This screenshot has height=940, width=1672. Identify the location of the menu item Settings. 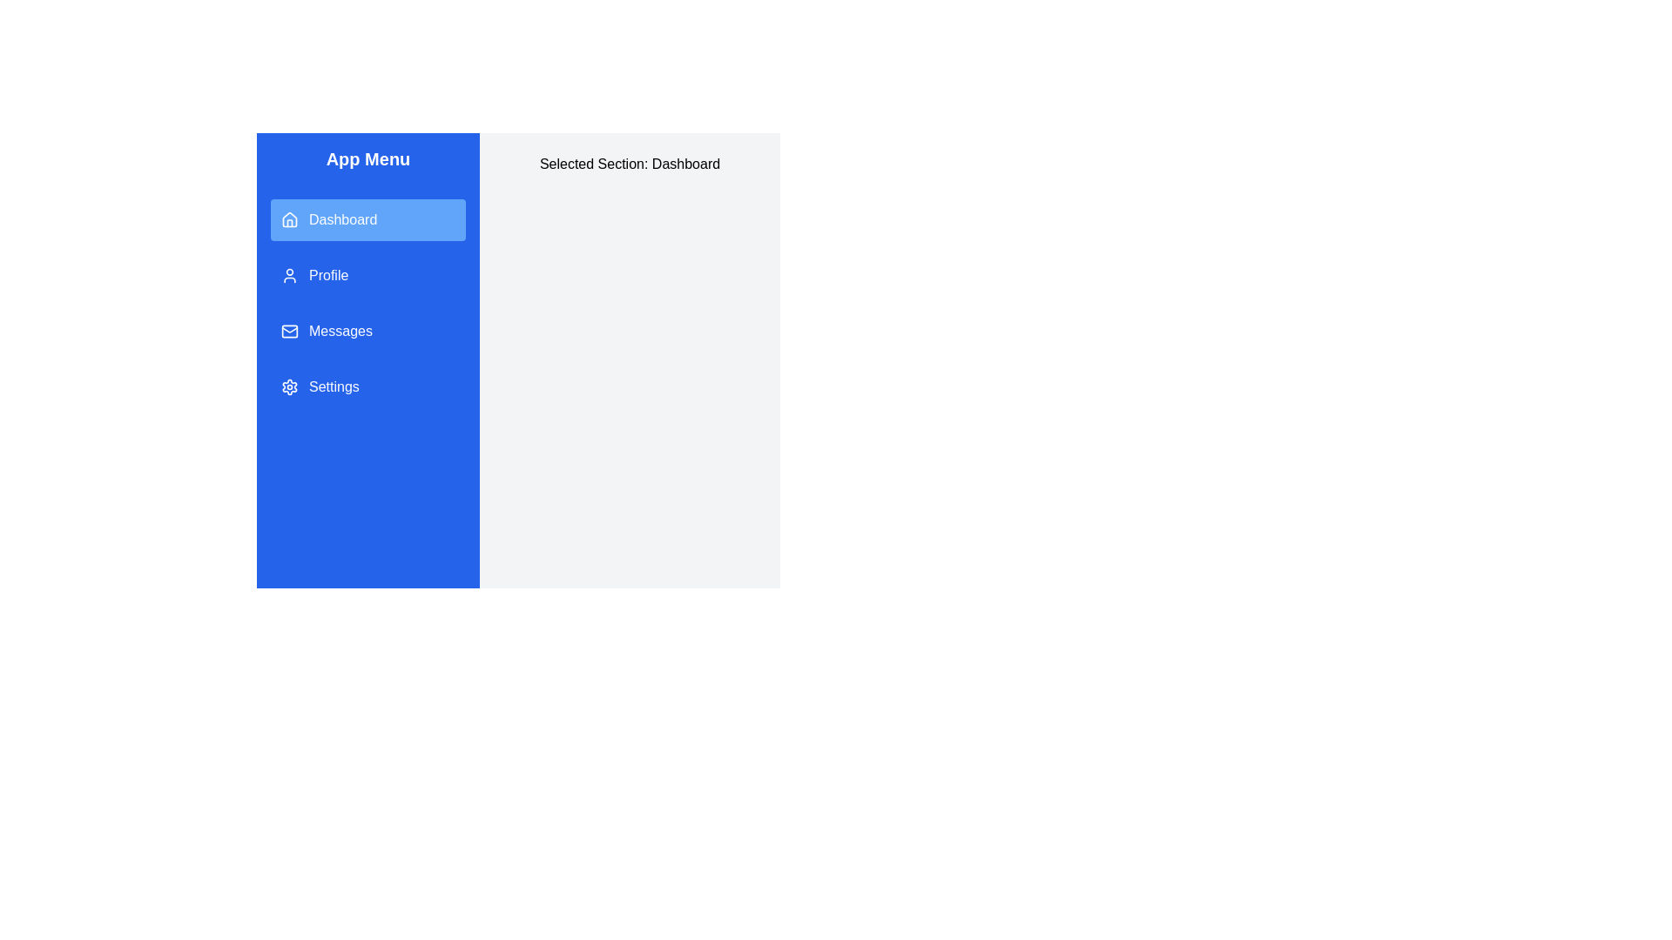
(367, 386).